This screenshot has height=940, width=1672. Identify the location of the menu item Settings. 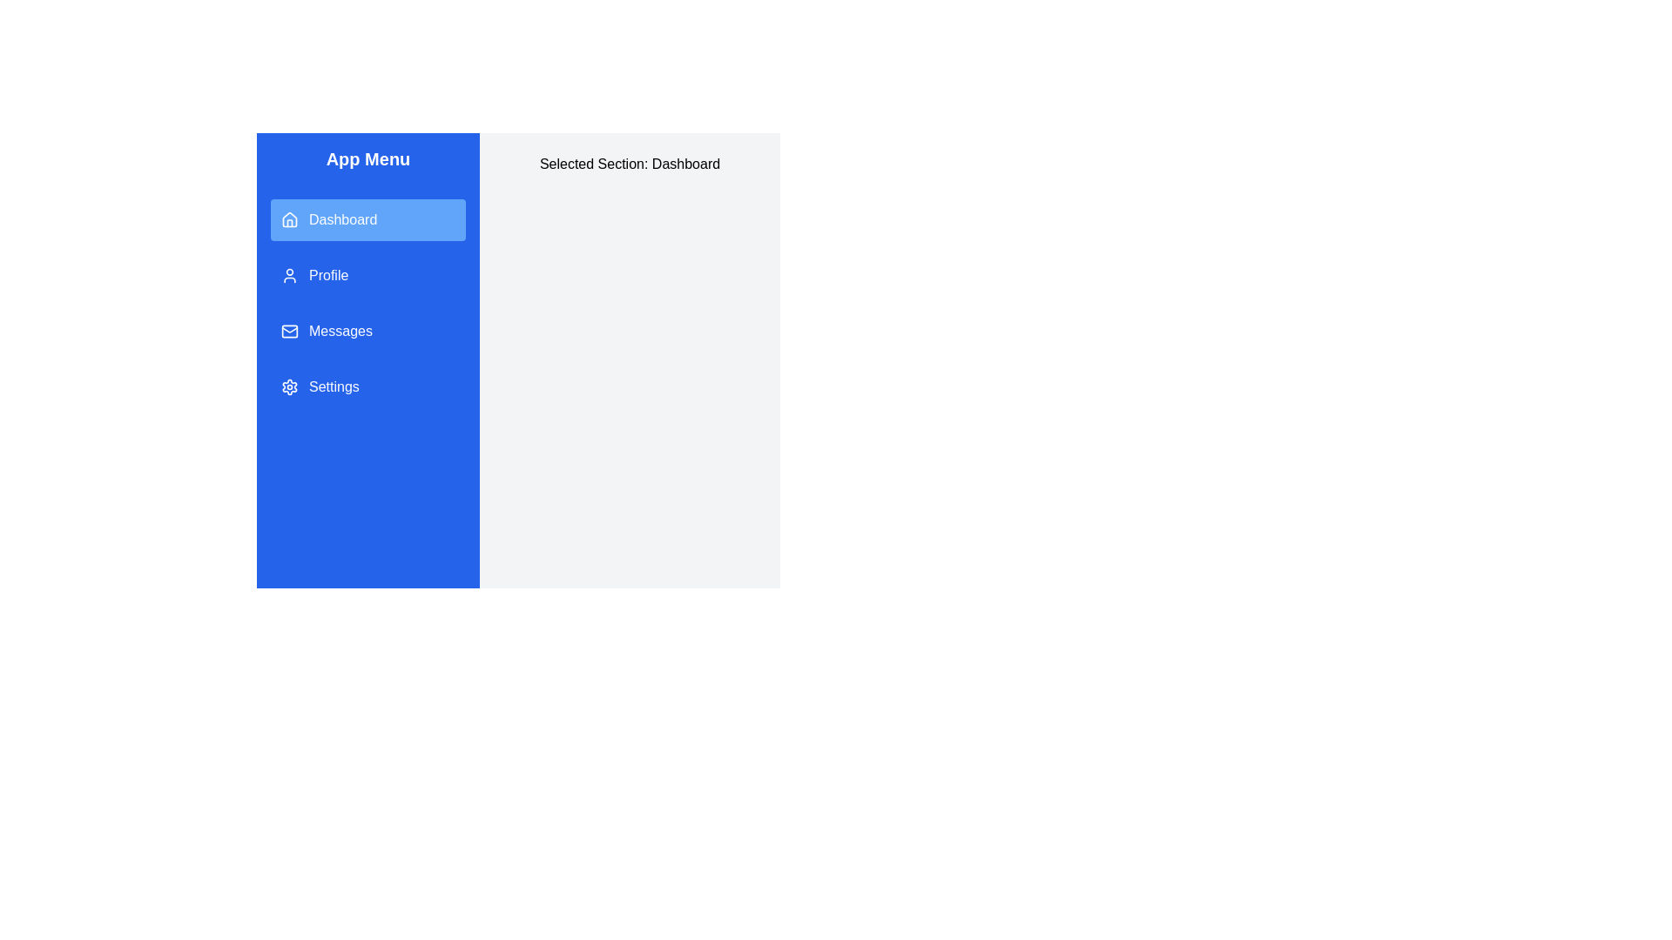
(367, 386).